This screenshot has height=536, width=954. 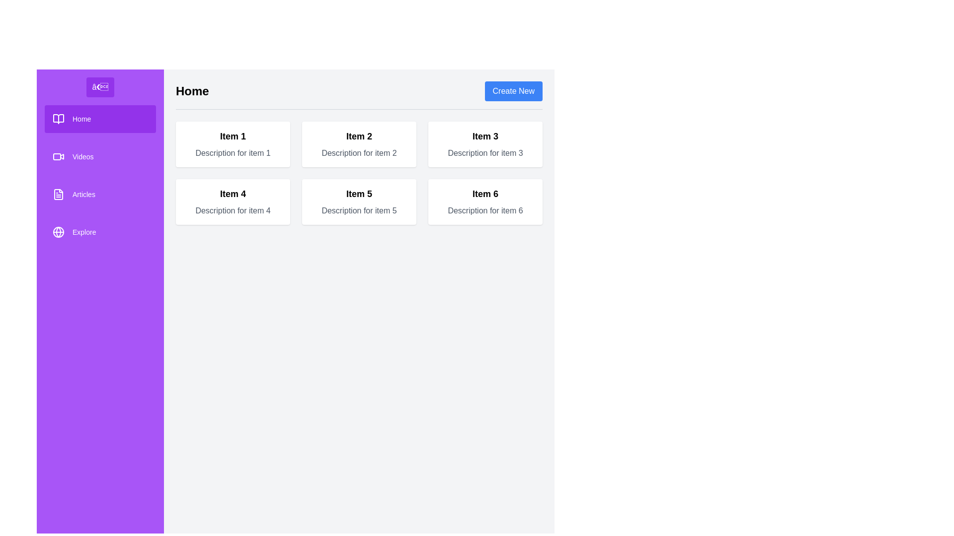 I want to click on the descriptive Text label for the card titled 'Item 4', which is located beneath the title text within the second card of the second row, so click(x=233, y=210).